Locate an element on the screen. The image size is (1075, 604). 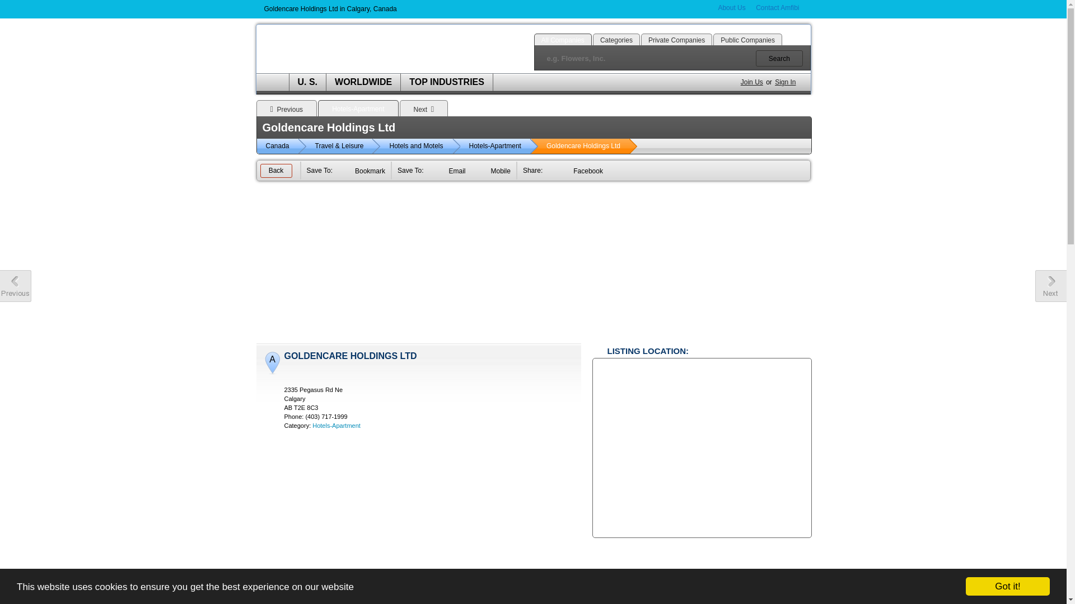
'Categories' is located at coordinates (615, 39).